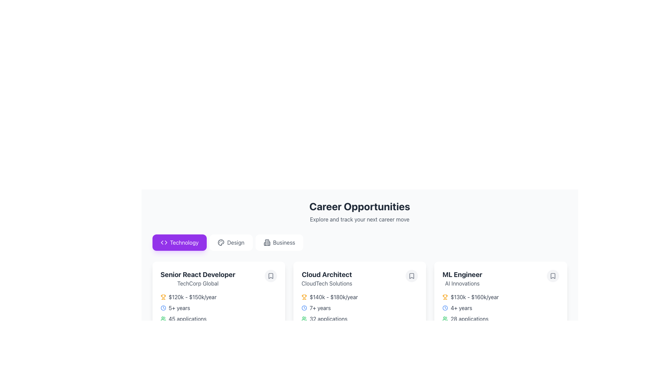 The image size is (655, 368). I want to click on the 'Business' category icon located below the 'Career Opportunities' header, which is part of a group labeled 'Business', so click(266, 242).